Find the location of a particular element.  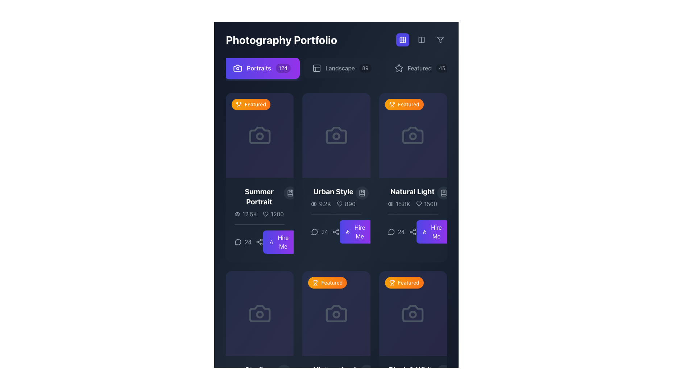

the Text Label displaying the number '24' located below the 'Summer Portrait' section is located at coordinates (249, 242).